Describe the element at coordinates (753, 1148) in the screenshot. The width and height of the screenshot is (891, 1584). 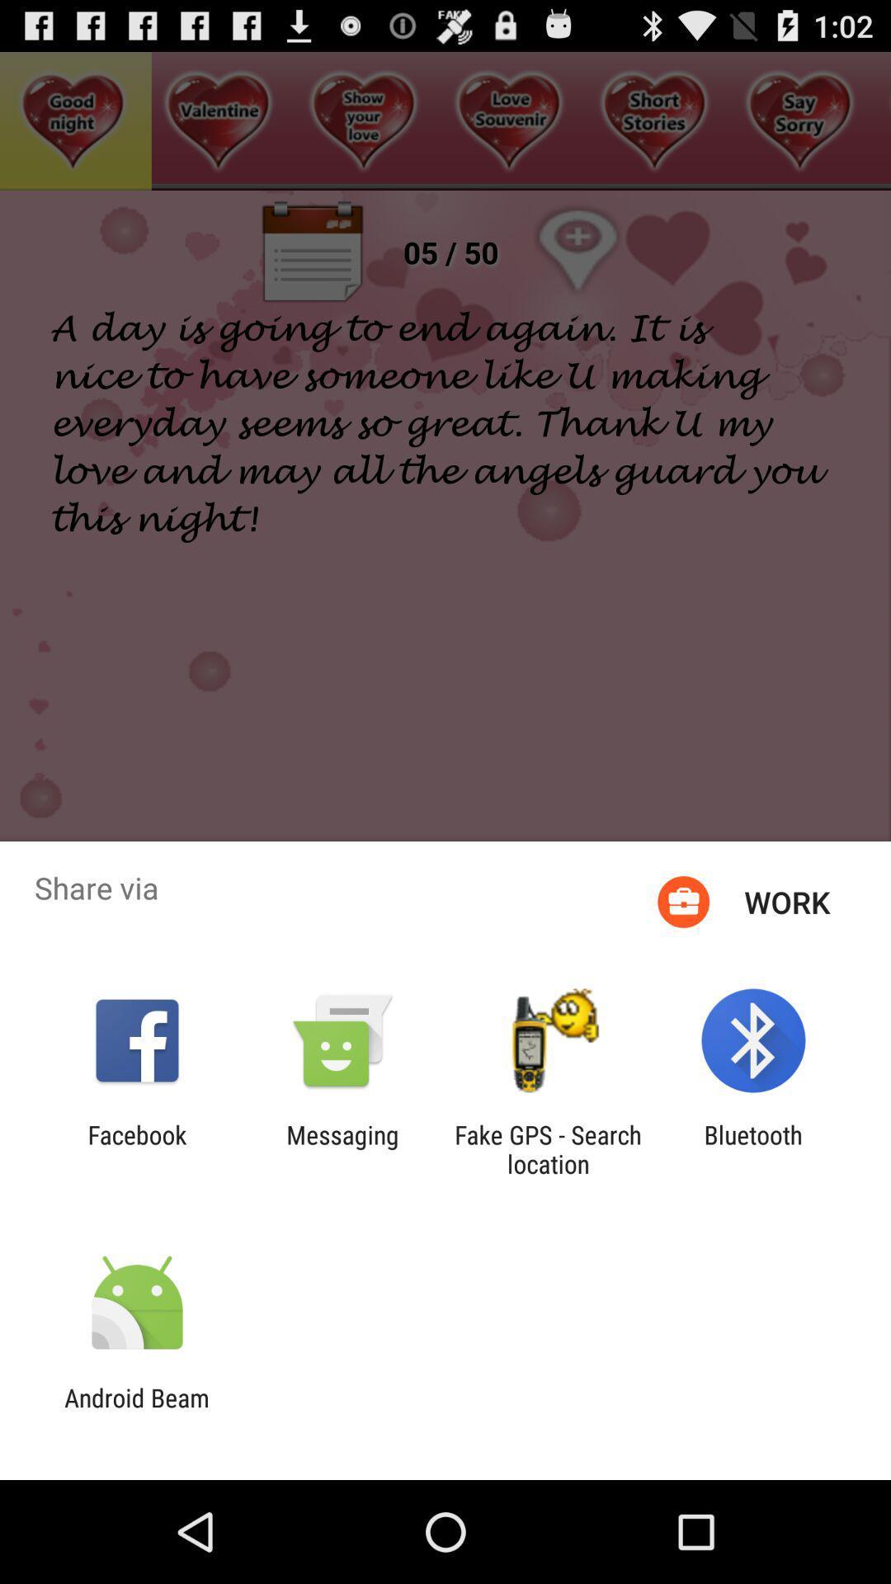
I see `the bluetooth icon` at that location.